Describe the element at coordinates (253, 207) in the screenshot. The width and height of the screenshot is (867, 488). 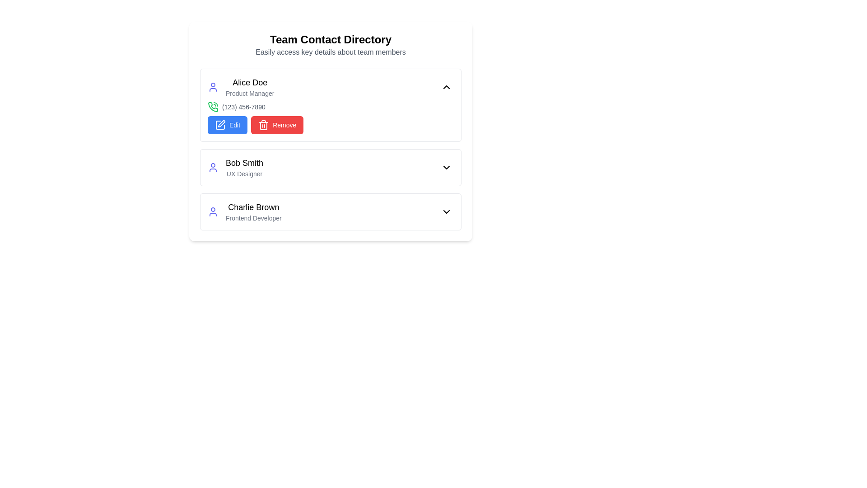
I see `the user name displayed in the static text label of the bottom contact card, positioned above the description 'Frontend Developer' by moving the cursor to this element` at that location.